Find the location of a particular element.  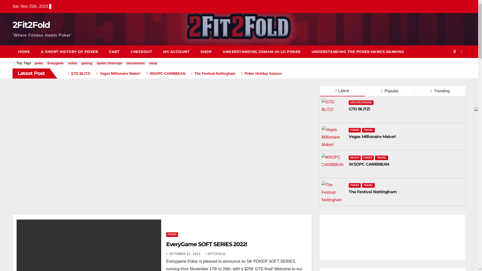

'MY ACCOUNT' is located at coordinates (176, 51).